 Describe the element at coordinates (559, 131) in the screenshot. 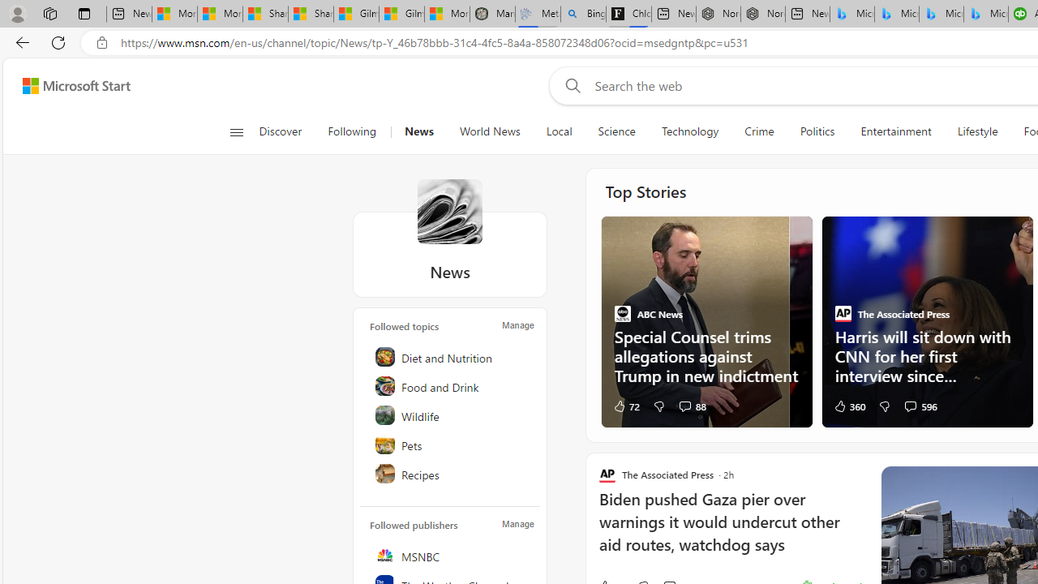

I see `'Local'` at that location.